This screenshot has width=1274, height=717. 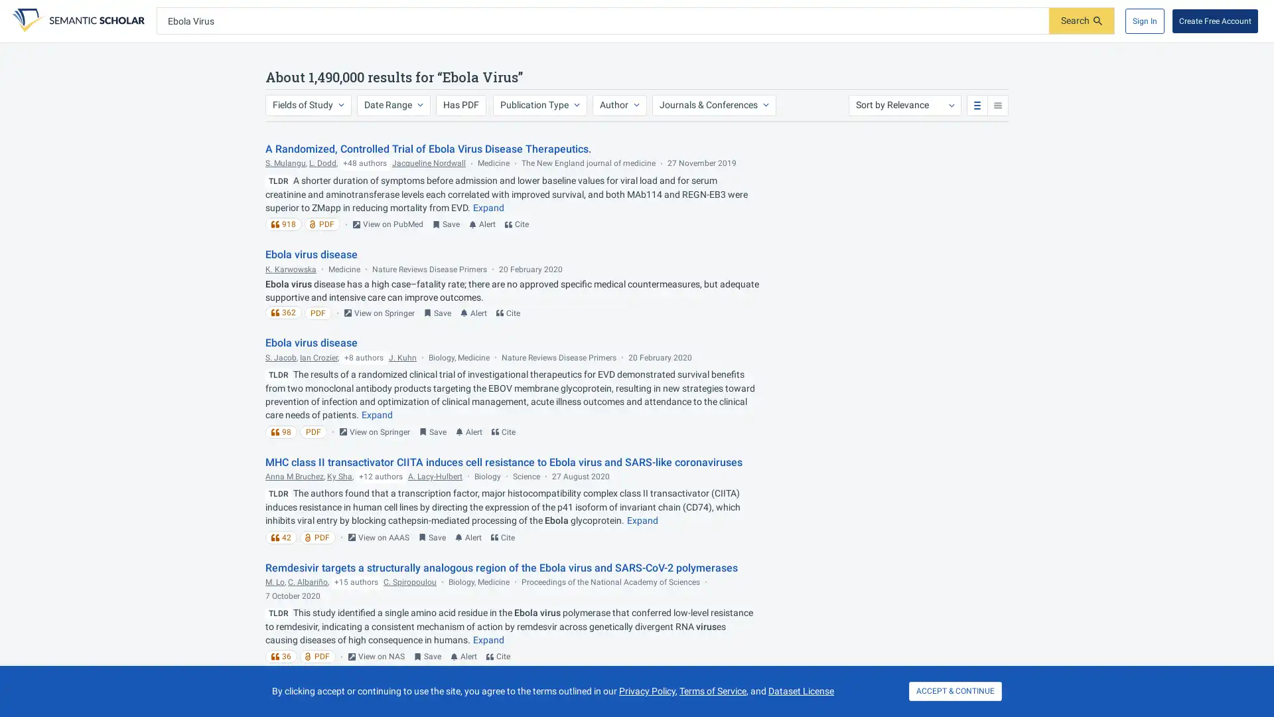 What do you see at coordinates (460, 104) in the screenshot?
I see `Has PDF` at bounding box center [460, 104].